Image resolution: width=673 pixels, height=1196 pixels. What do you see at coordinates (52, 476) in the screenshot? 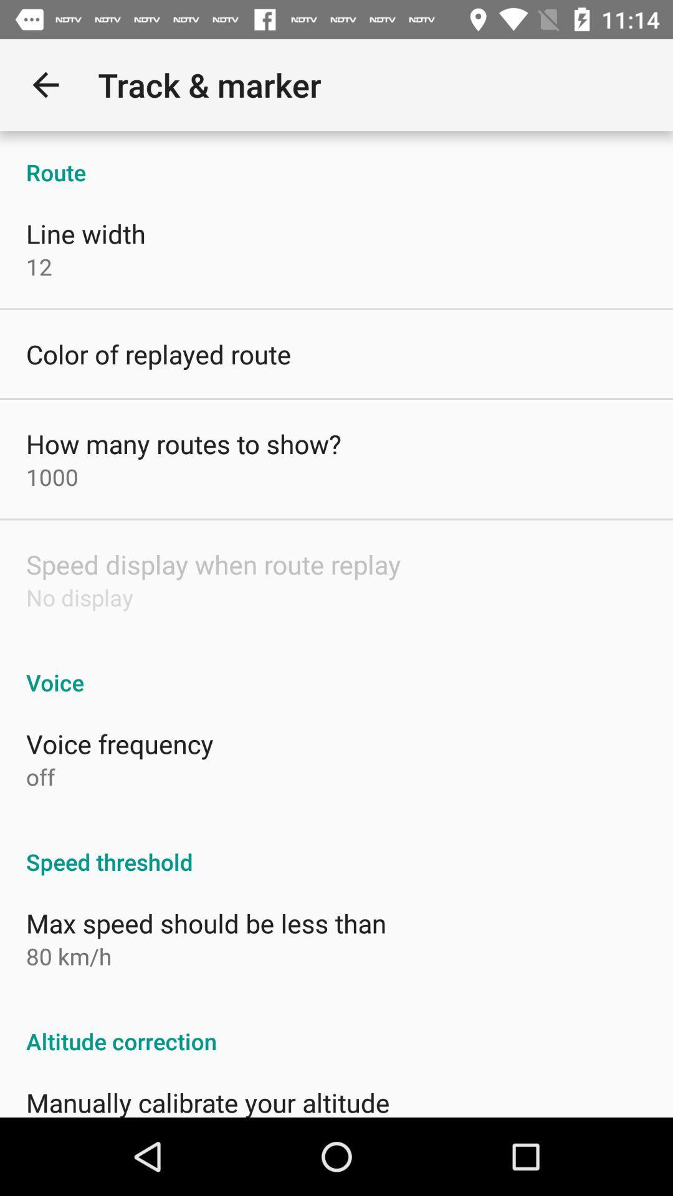
I see `the 1000 item` at bounding box center [52, 476].